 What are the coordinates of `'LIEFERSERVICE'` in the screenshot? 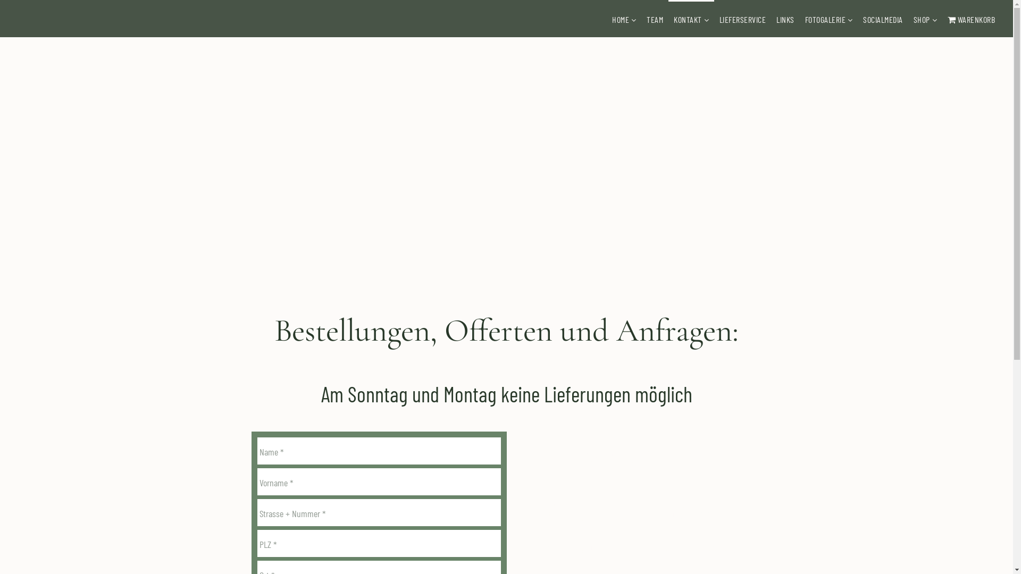 It's located at (742, 19).